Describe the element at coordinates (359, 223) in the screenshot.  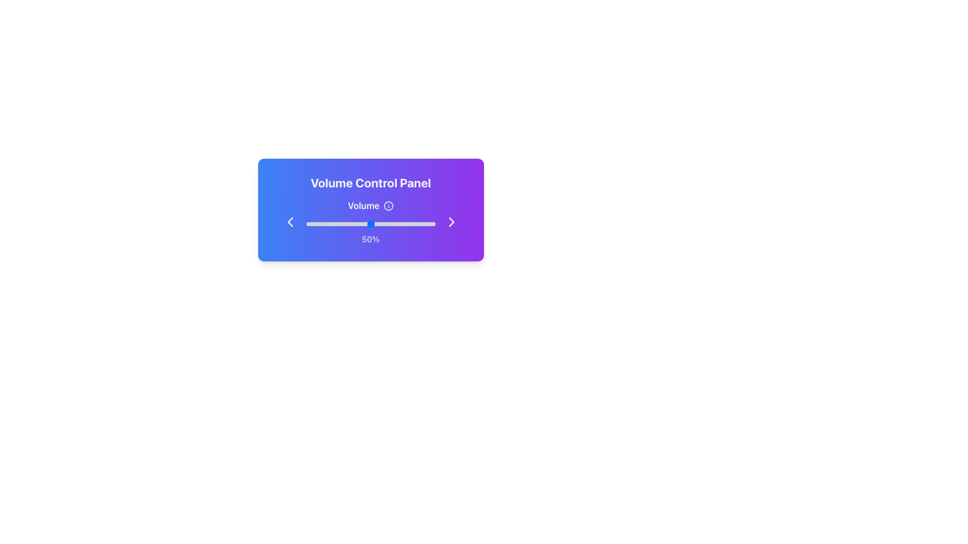
I see `the volume level` at that location.